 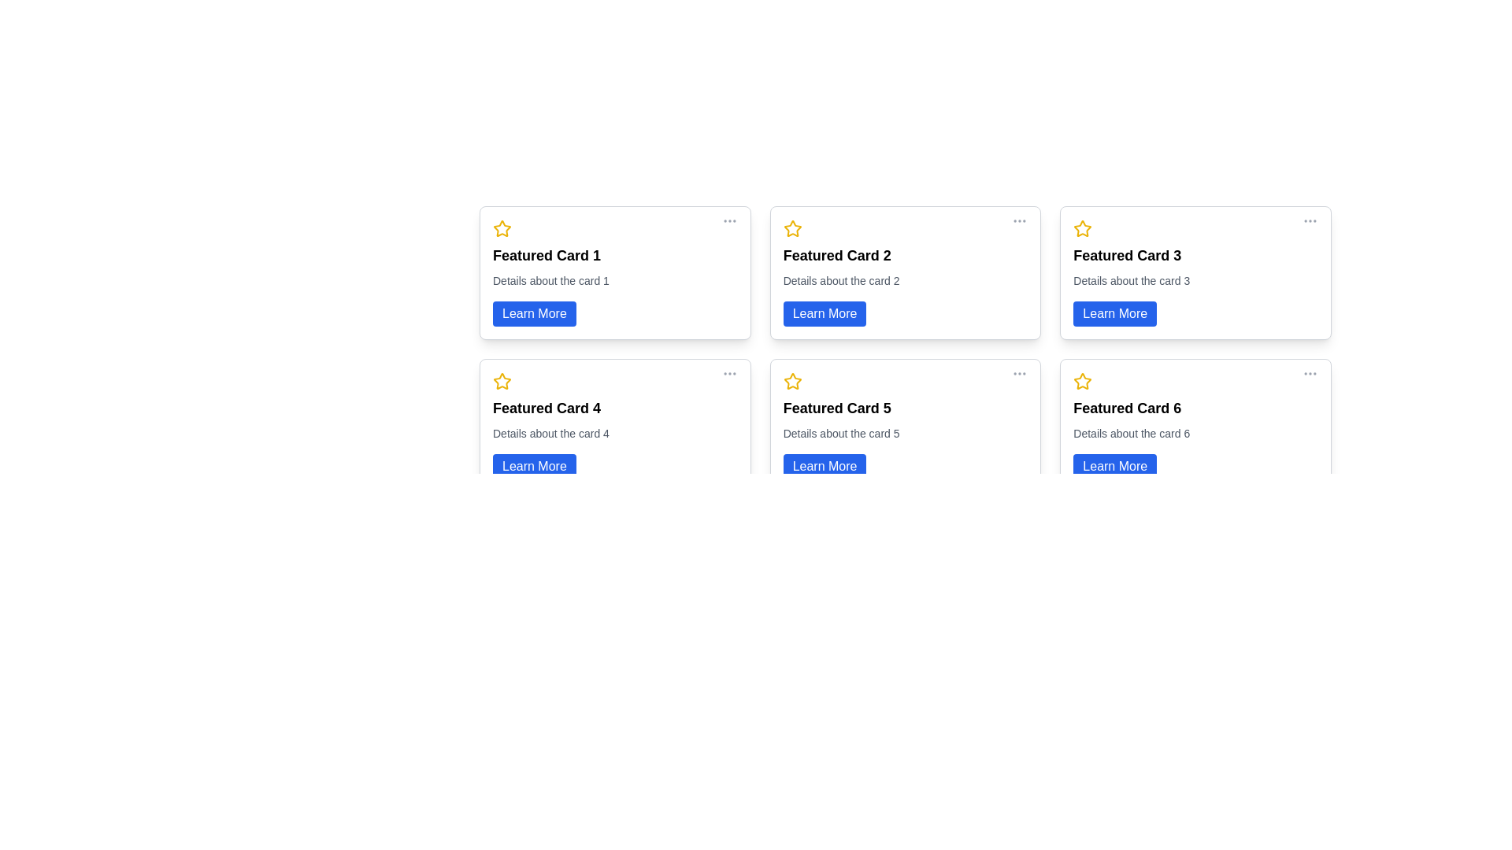 I want to click on the Icon Button (Ellipsis) located at the top-right corner of 'Featured Card 2', so click(x=1020, y=221).